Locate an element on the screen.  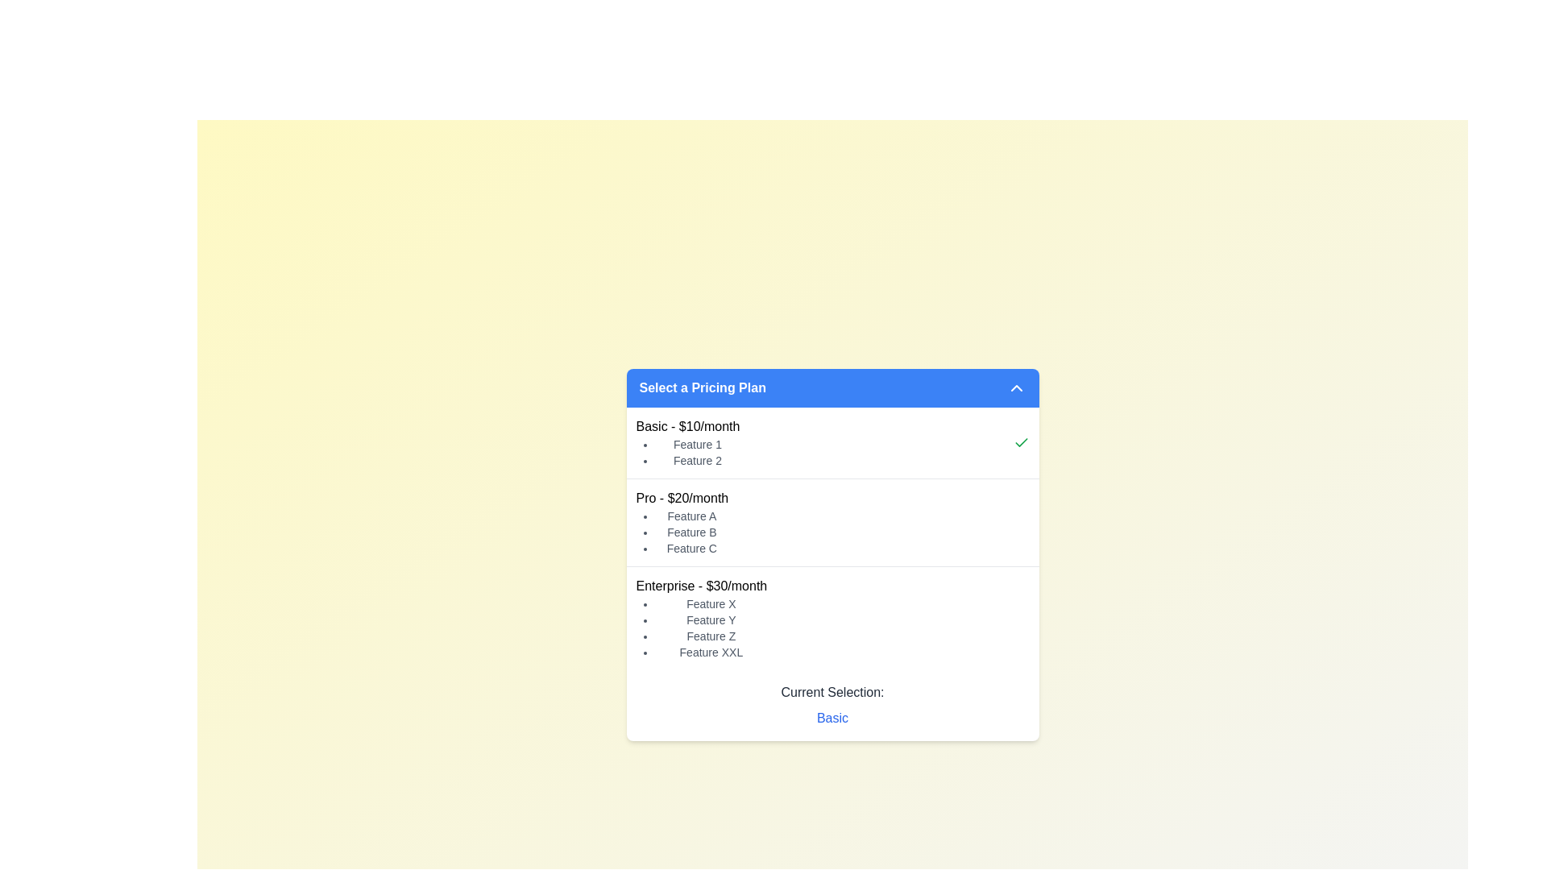
the static text indicator reading 'Feature 2', which is the second item in a bulleted list under the 'Basic - $10/month' section is located at coordinates (697, 460).